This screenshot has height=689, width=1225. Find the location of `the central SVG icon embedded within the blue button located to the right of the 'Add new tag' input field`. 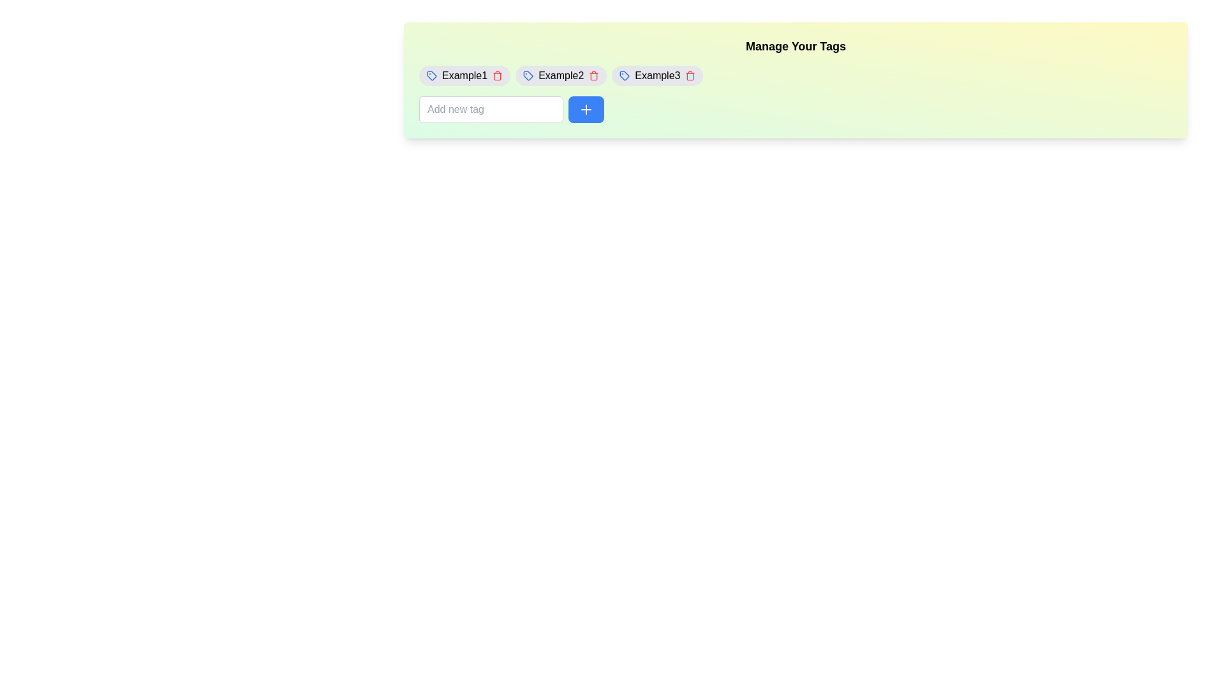

the central SVG icon embedded within the blue button located to the right of the 'Add new tag' input field is located at coordinates (585, 109).